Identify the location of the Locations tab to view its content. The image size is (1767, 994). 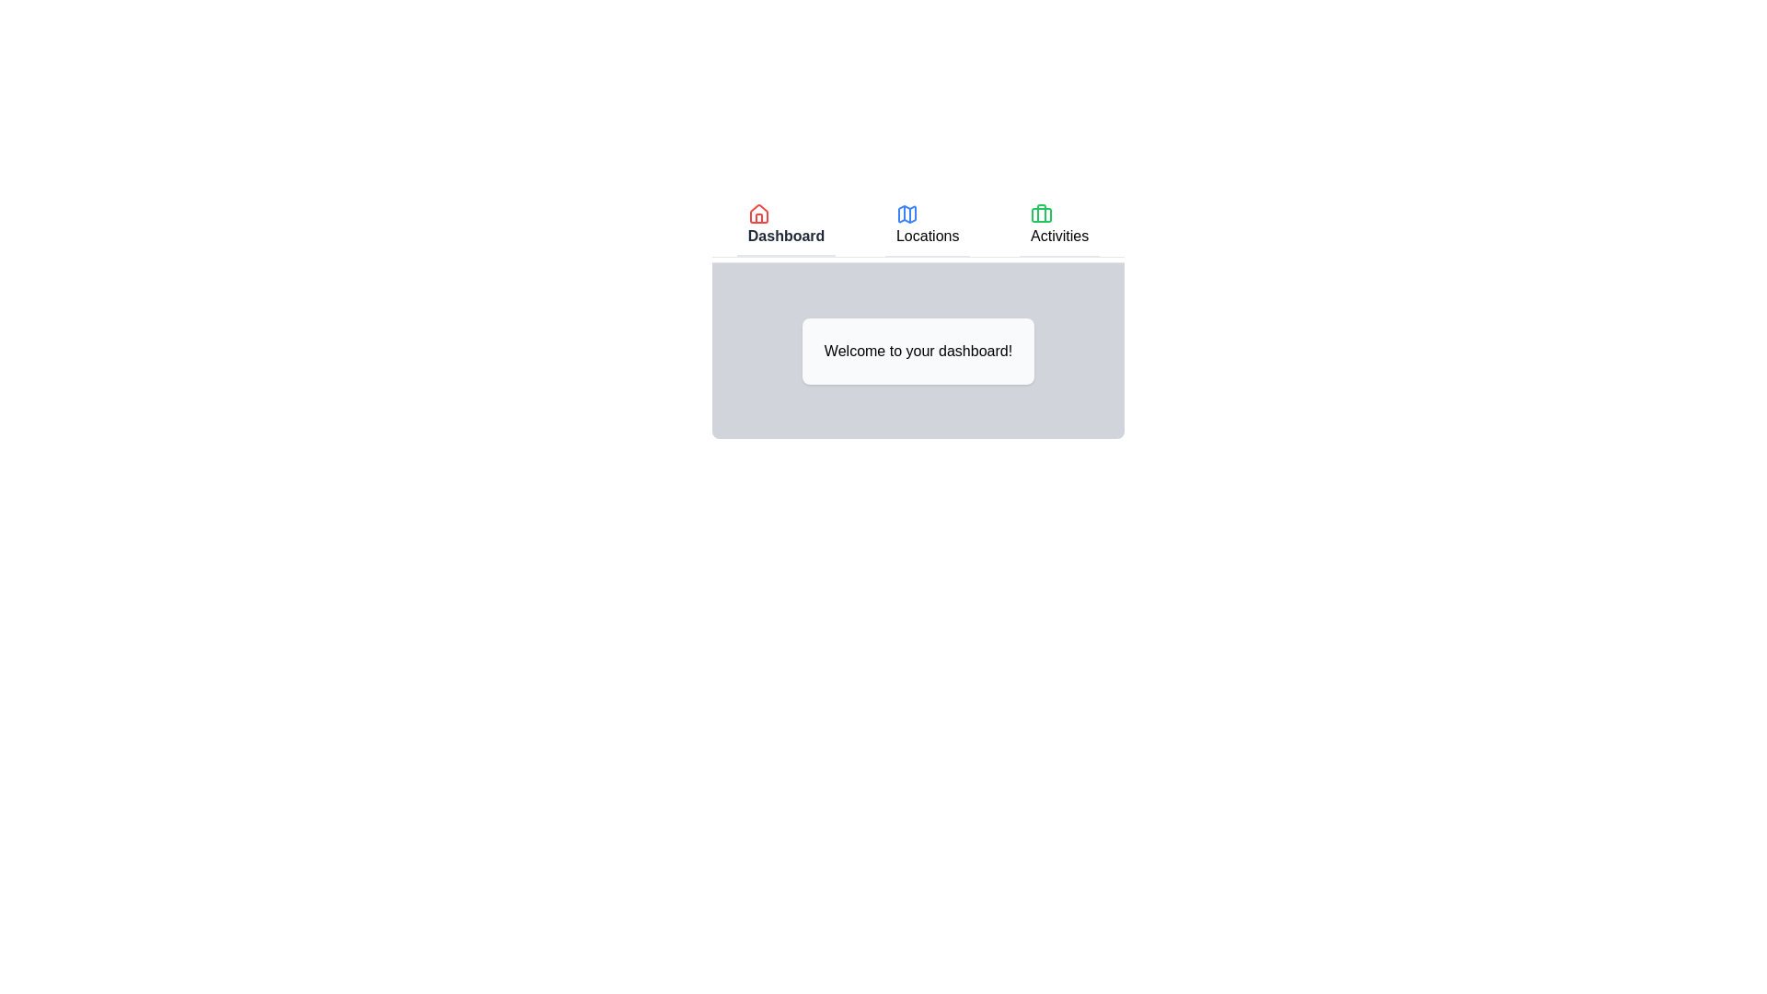
(928, 225).